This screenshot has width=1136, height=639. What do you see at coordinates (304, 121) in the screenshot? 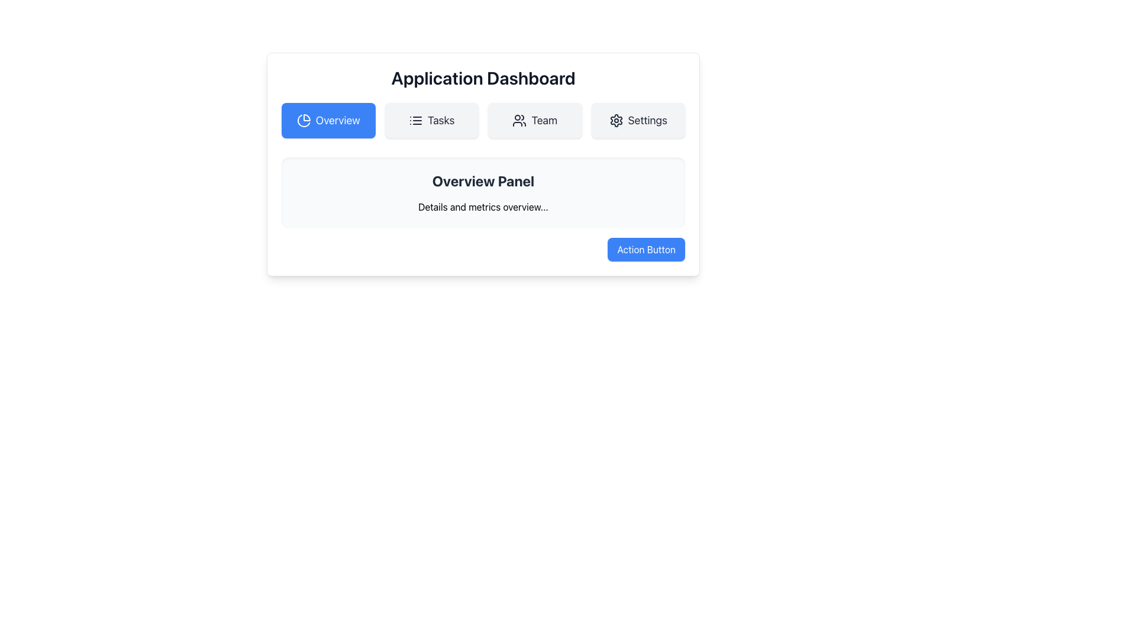
I see `the pie chart SVG icon located within the 'Overview' button in the top navigation` at bounding box center [304, 121].